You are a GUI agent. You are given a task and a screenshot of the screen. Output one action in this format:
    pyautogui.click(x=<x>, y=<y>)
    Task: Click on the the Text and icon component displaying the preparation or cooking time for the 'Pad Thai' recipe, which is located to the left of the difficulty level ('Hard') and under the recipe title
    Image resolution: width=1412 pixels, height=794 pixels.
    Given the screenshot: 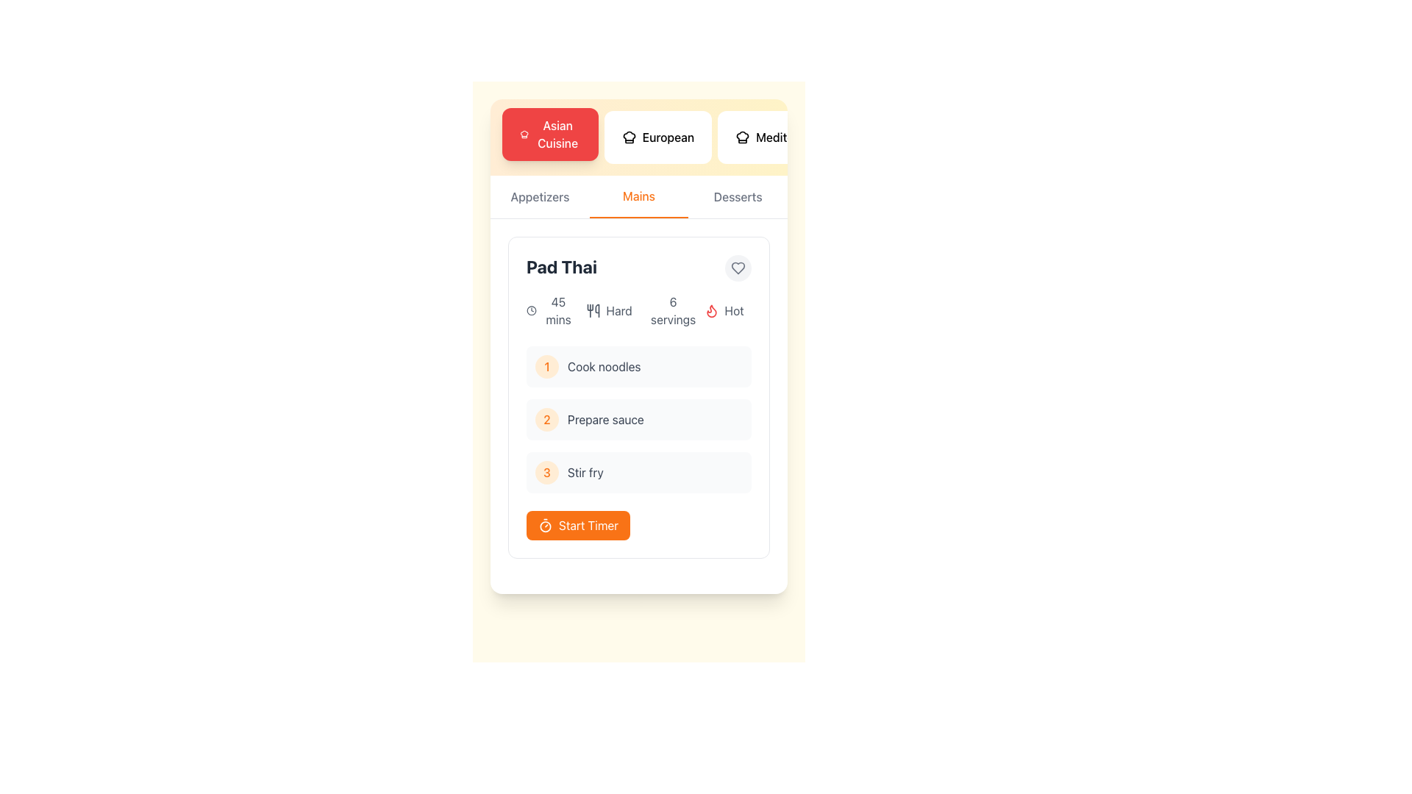 What is the action you would take?
    pyautogui.click(x=549, y=310)
    